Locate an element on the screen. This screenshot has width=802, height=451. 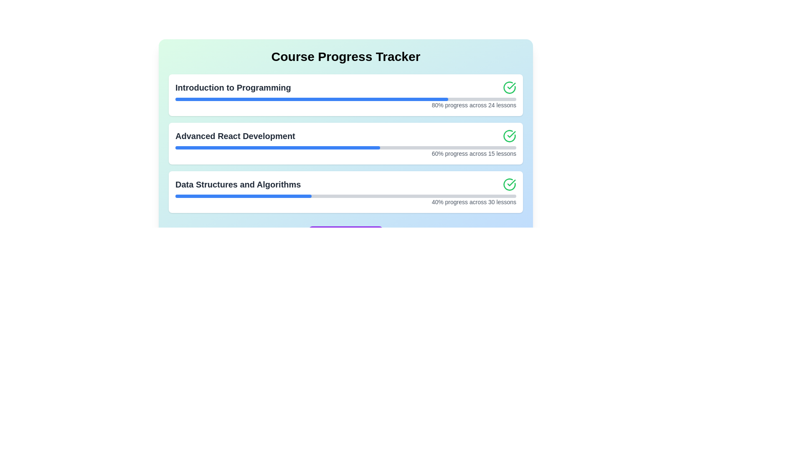
the gray progress bar labeled 'Data Structures and Algorithms' that indicates 40% progress across 30 lessons is located at coordinates (346, 196).